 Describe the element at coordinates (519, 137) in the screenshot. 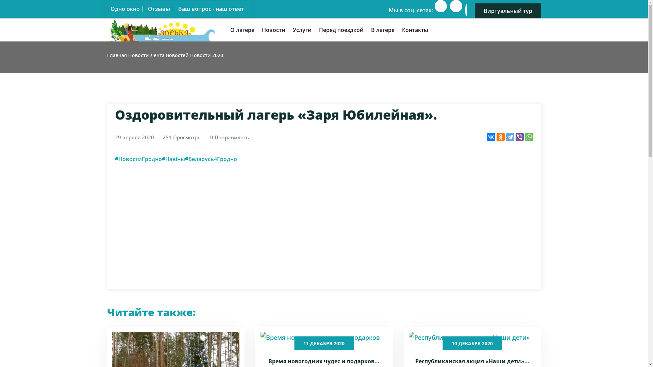

I see `'Viber'` at that location.